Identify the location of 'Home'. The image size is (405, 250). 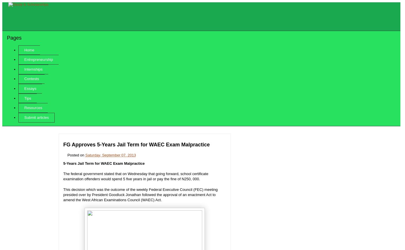
(24, 50).